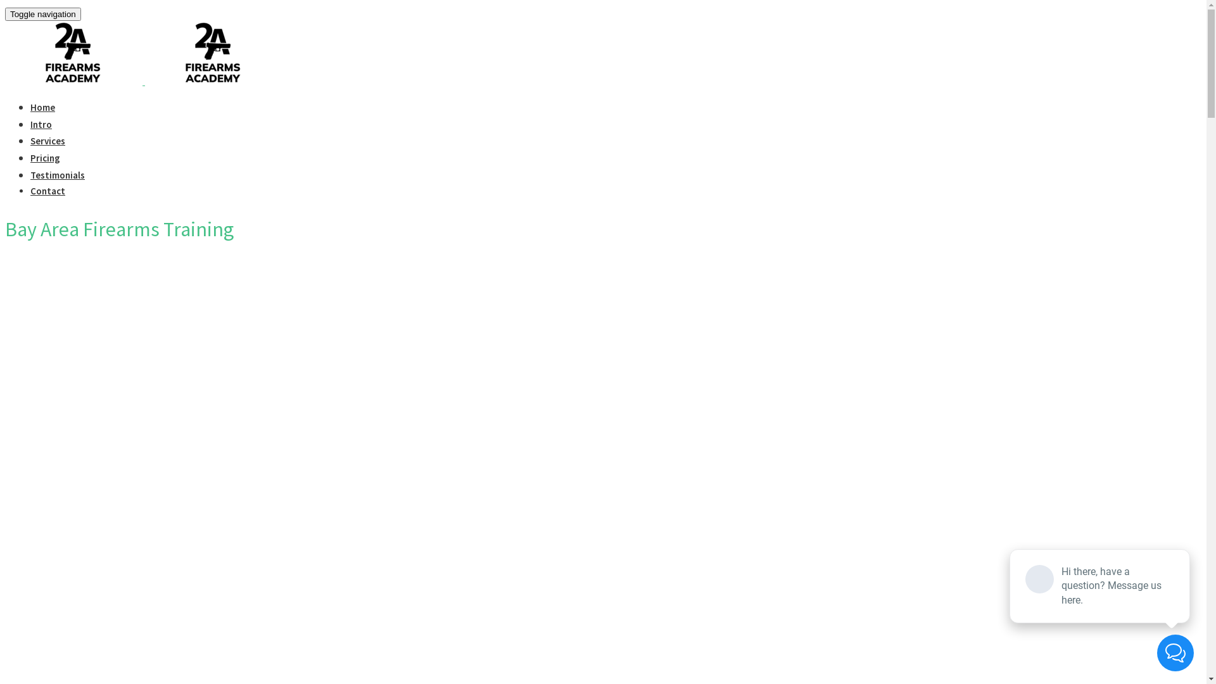  I want to click on 'Toggle navigation', so click(42, 14).